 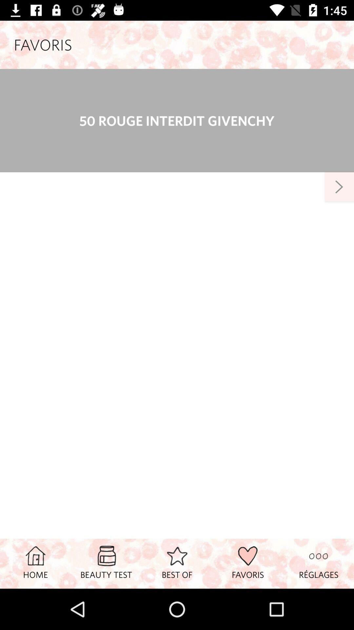 I want to click on item to the right of the home item, so click(x=106, y=563).